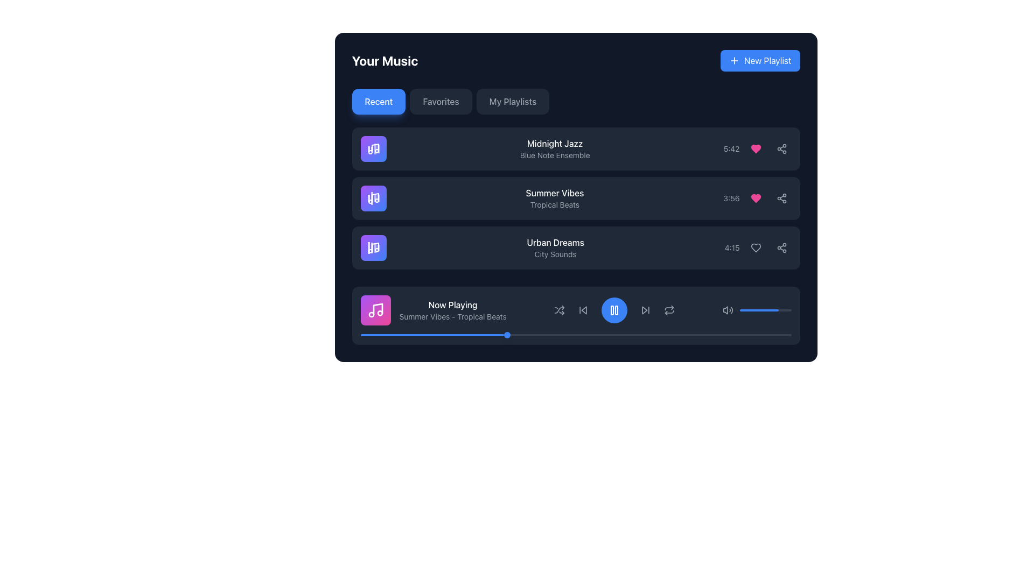 The image size is (1034, 581). I want to click on the third slender vertical rectangle with a white fill, positioned within a grouping of similar rectangles, so click(375, 247).